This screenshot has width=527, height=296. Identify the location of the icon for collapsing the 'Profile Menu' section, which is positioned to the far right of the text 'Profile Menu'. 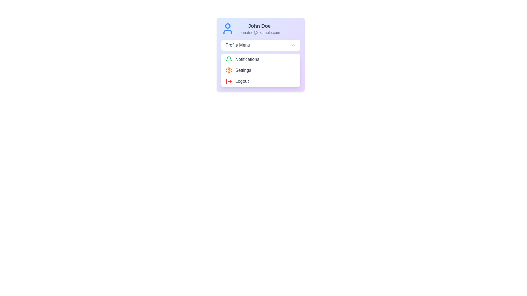
(293, 45).